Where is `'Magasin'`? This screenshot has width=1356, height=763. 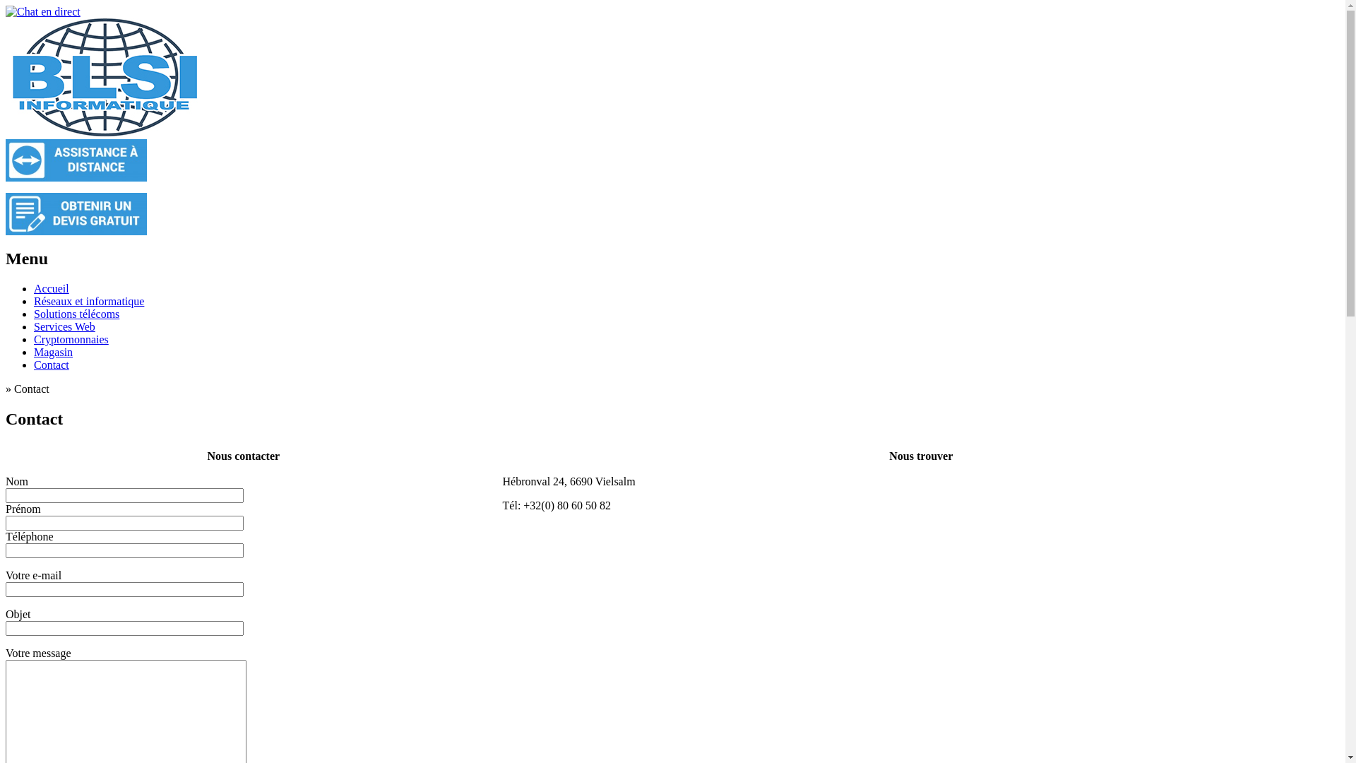
'Magasin' is located at coordinates (34, 351).